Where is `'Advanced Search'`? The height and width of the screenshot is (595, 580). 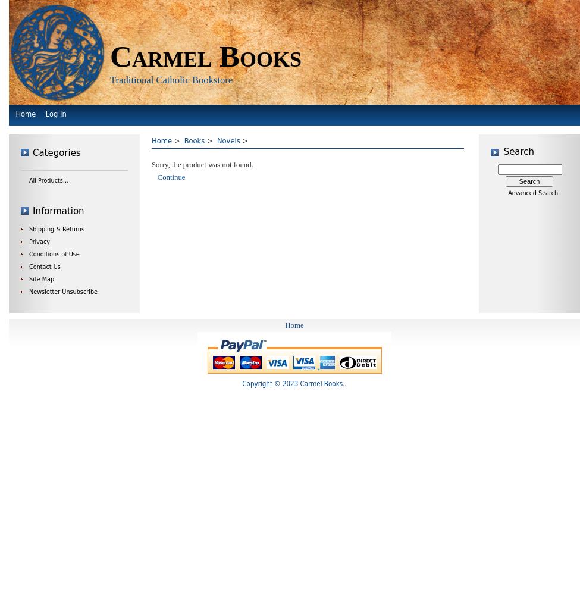 'Advanced Search' is located at coordinates (532, 192).